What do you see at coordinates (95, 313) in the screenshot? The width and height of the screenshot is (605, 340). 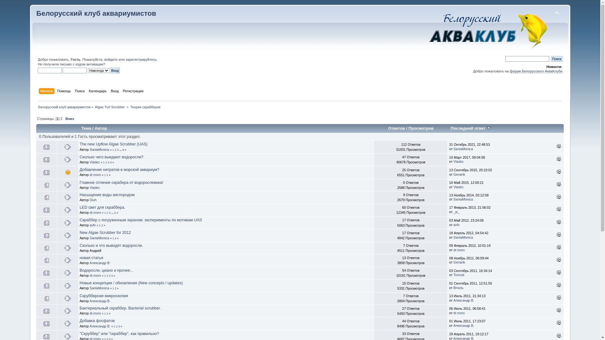 I see `'dr.moro'` at bounding box center [95, 313].